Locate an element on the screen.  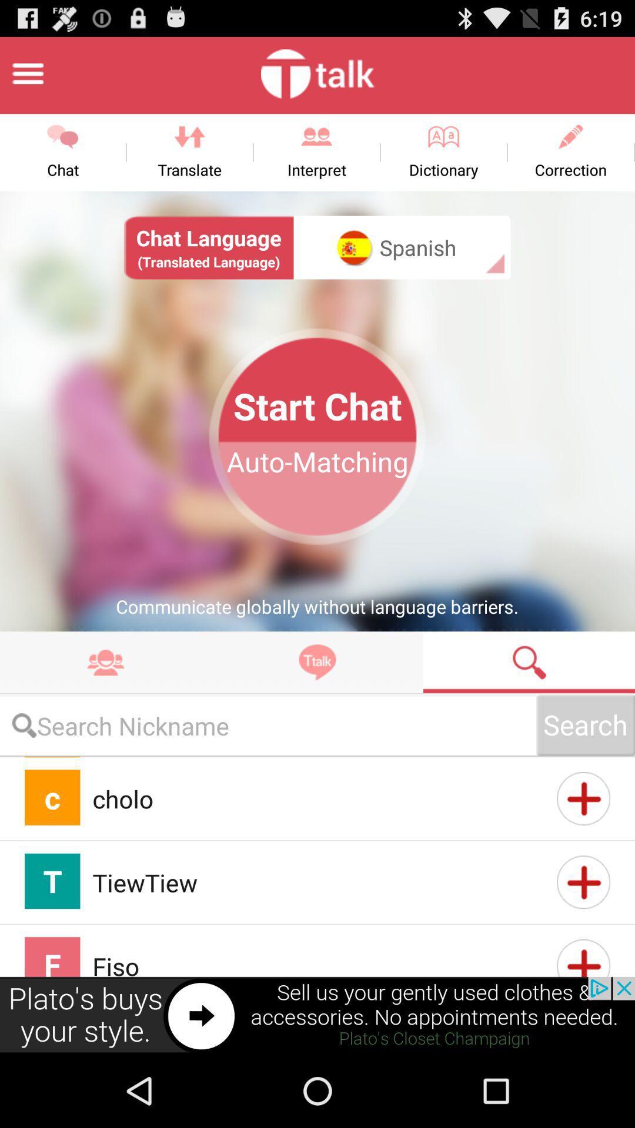
the more icon is located at coordinates (106, 708).